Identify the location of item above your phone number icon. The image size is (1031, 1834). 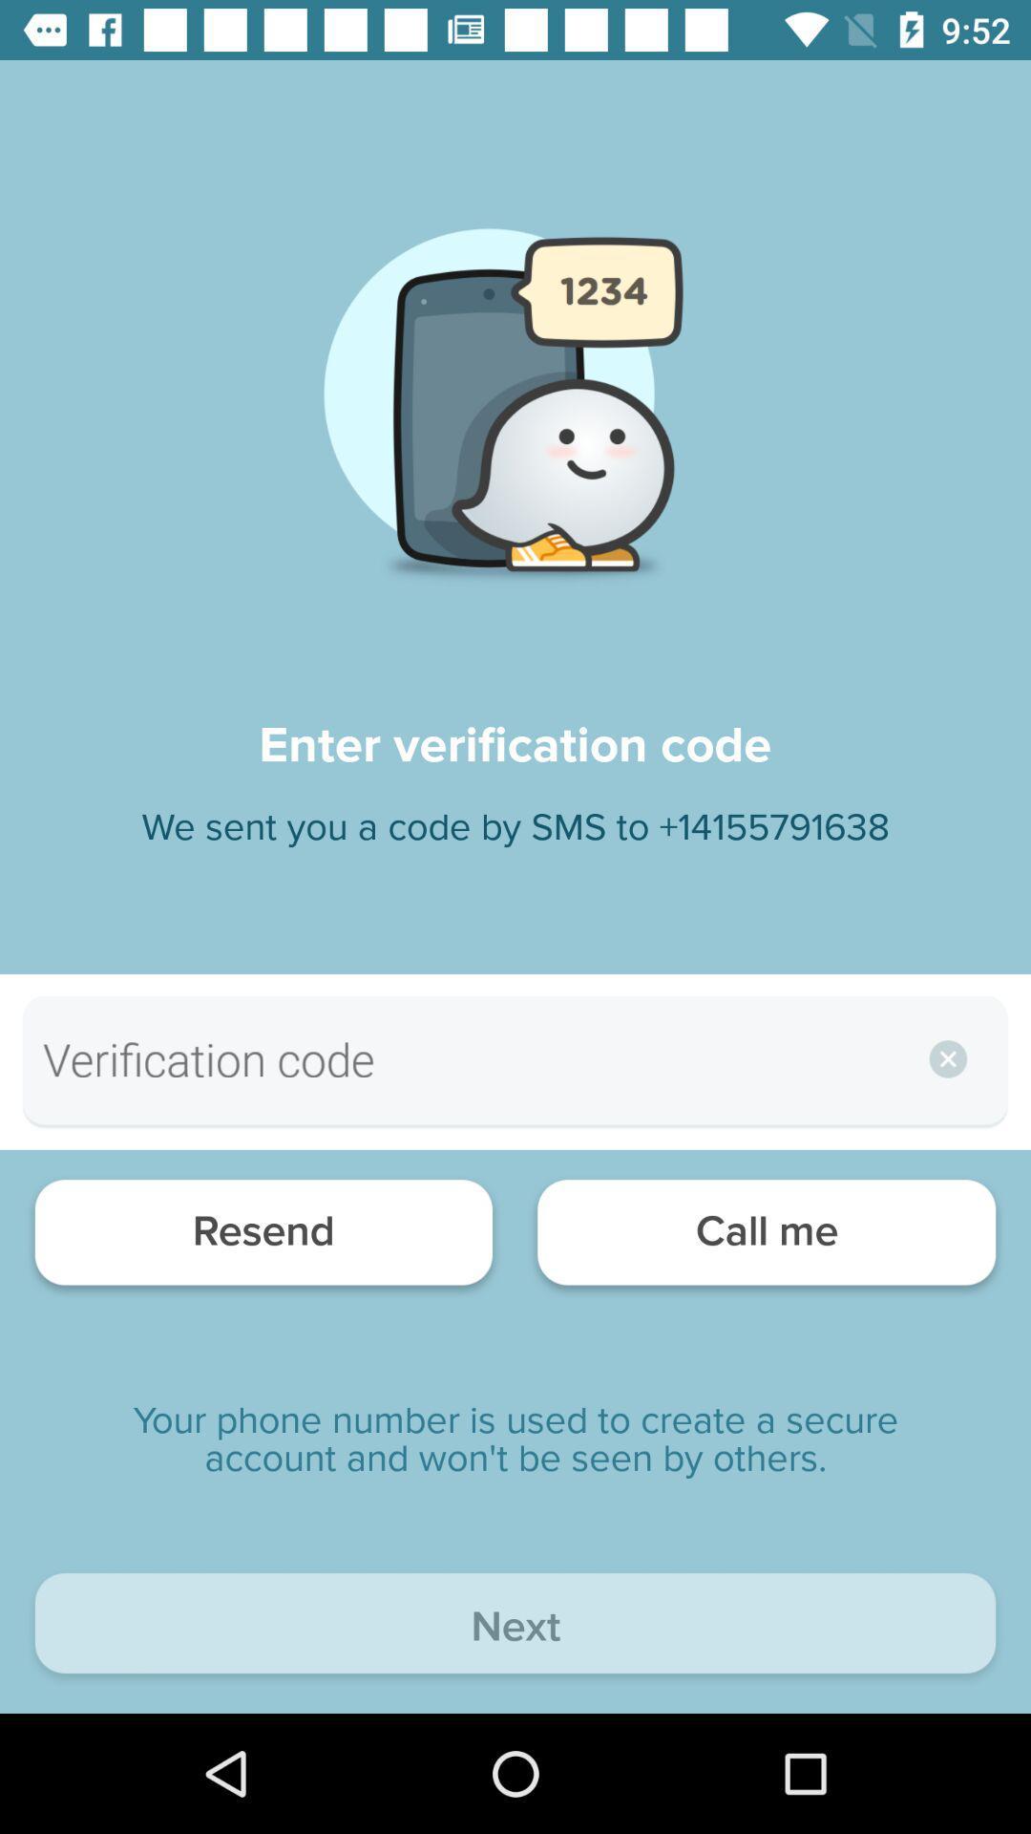
(766, 1237).